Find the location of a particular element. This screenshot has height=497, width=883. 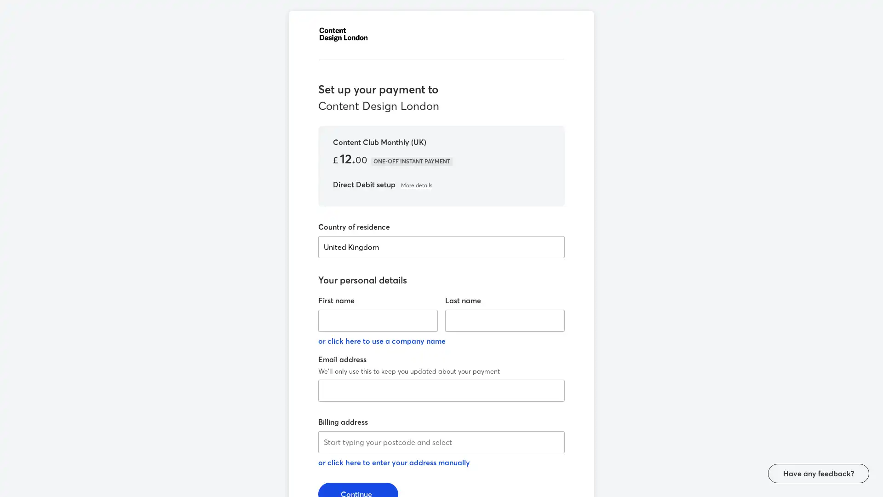

or click here to use a company name is located at coordinates (382, 339).